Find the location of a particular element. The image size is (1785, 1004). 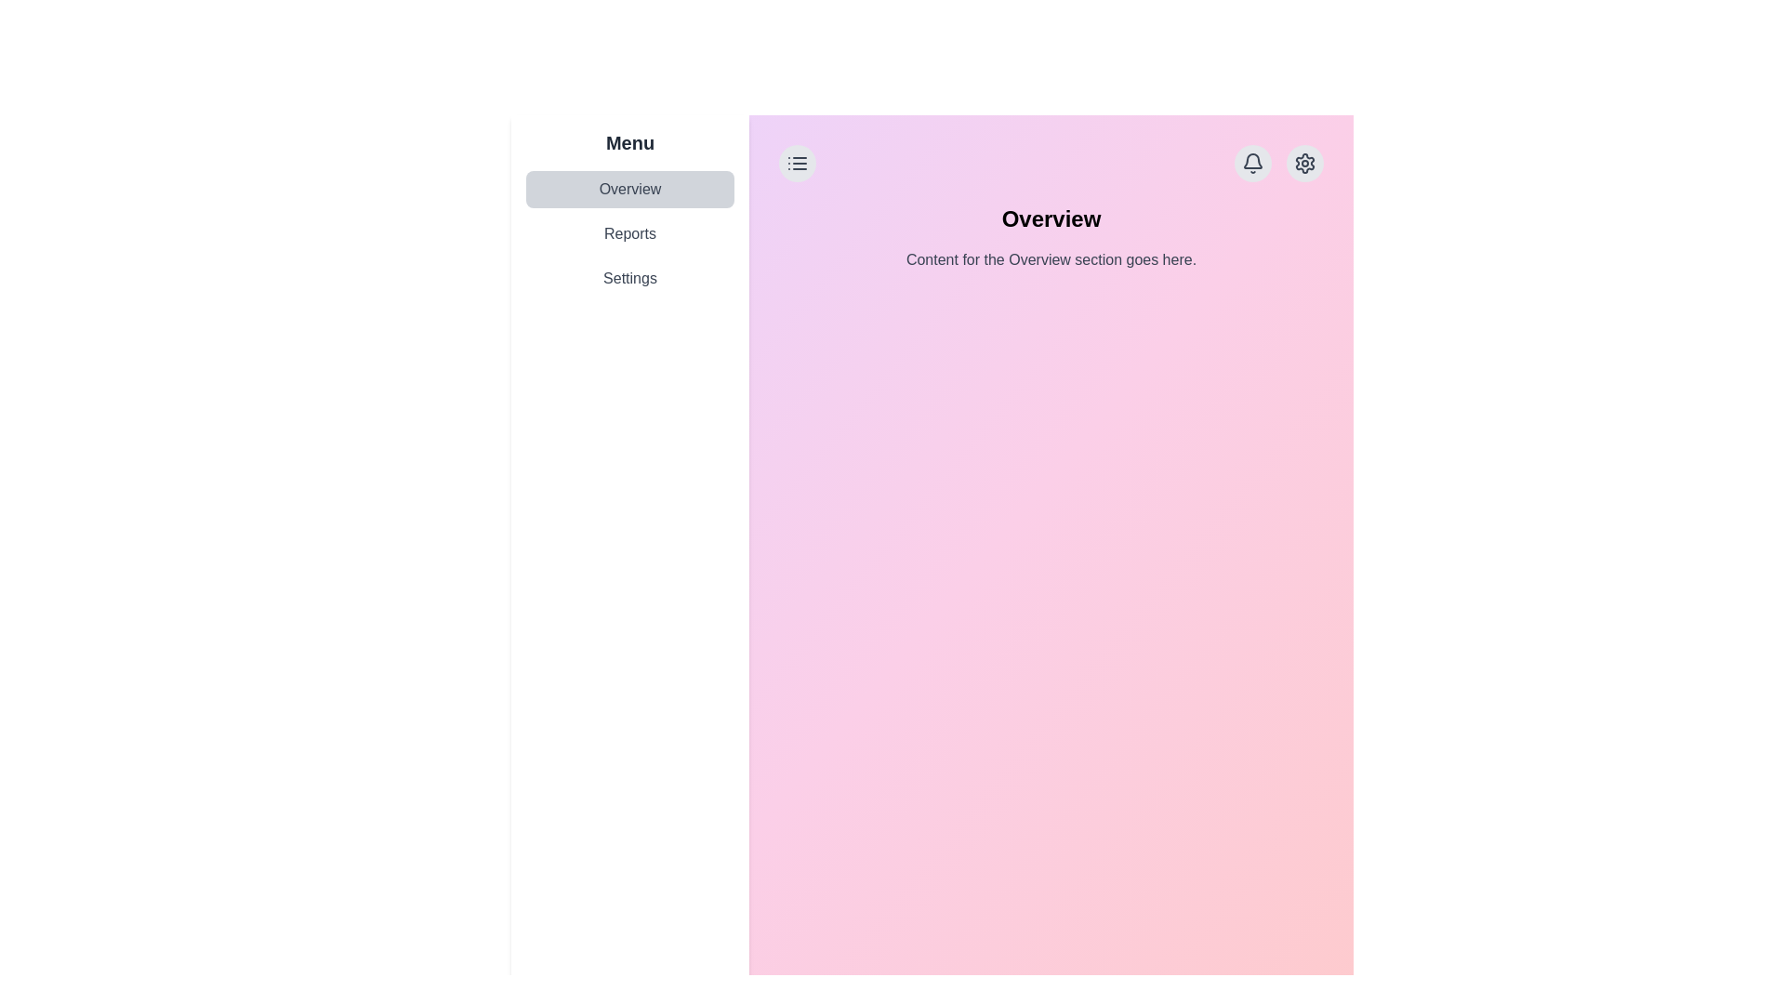

the text block that reads 'Content for the Overview section goes here.' which is styled in a smaller, lighter gray font and positioned directly under the 'Overview' heading is located at coordinates (1051, 260).